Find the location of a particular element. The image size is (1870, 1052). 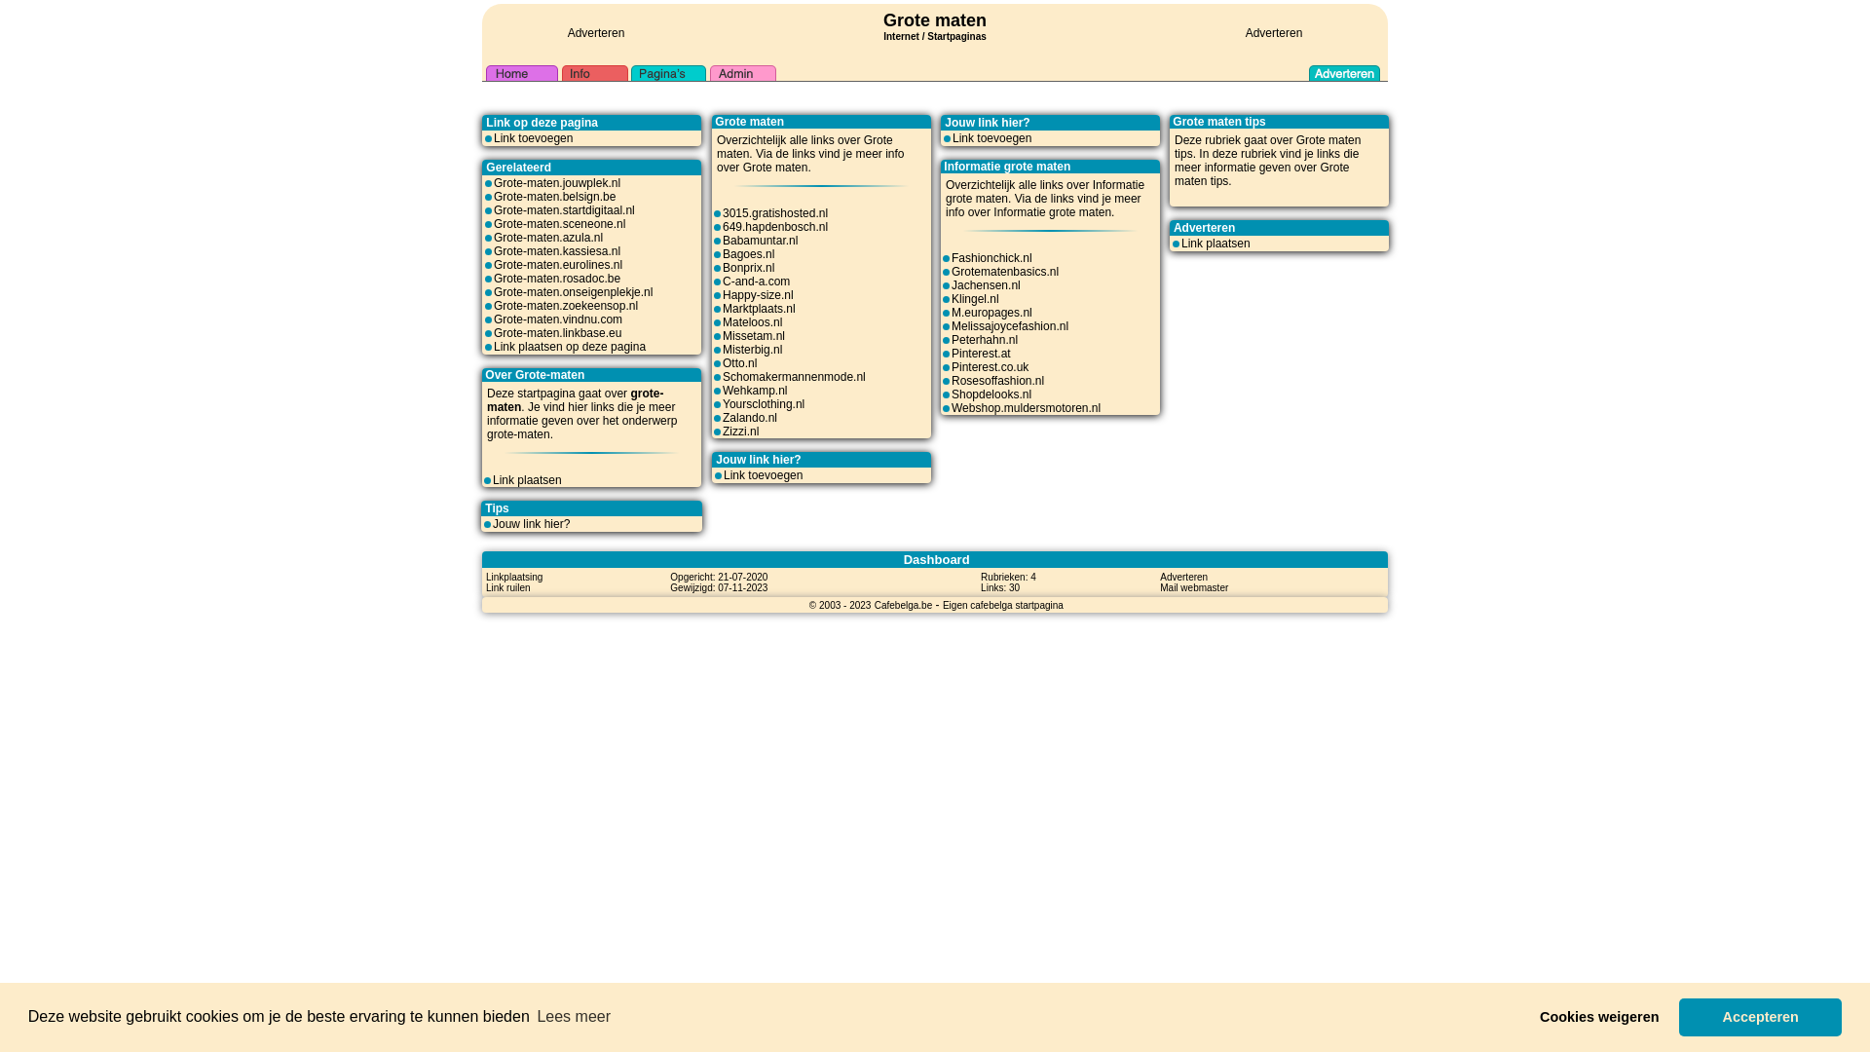

'Mateloos.nl' is located at coordinates (722, 321).